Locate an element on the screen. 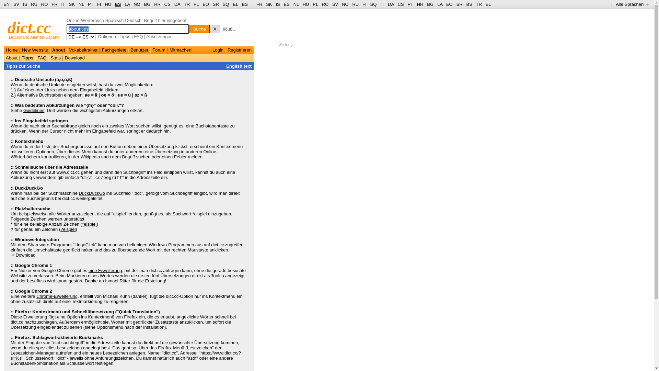  'NO' is located at coordinates (345, 4).